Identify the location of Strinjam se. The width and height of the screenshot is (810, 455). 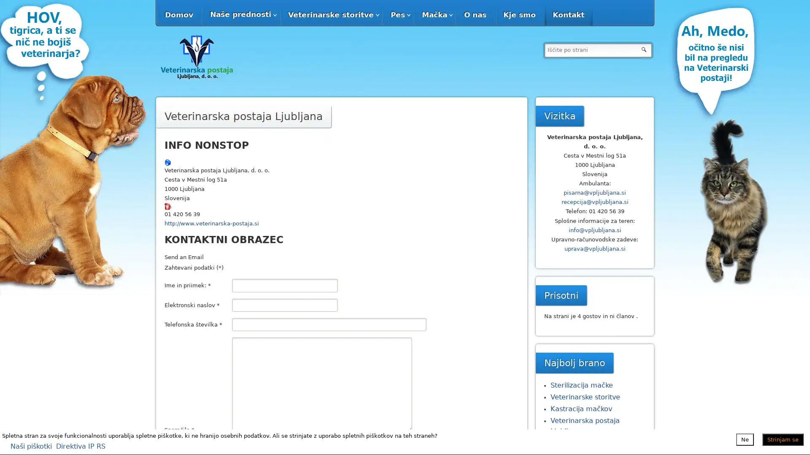
(783, 439).